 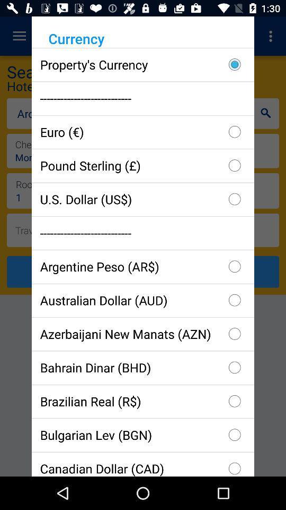 I want to click on icon above bulgarian lev (bgn) item, so click(x=143, y=401).